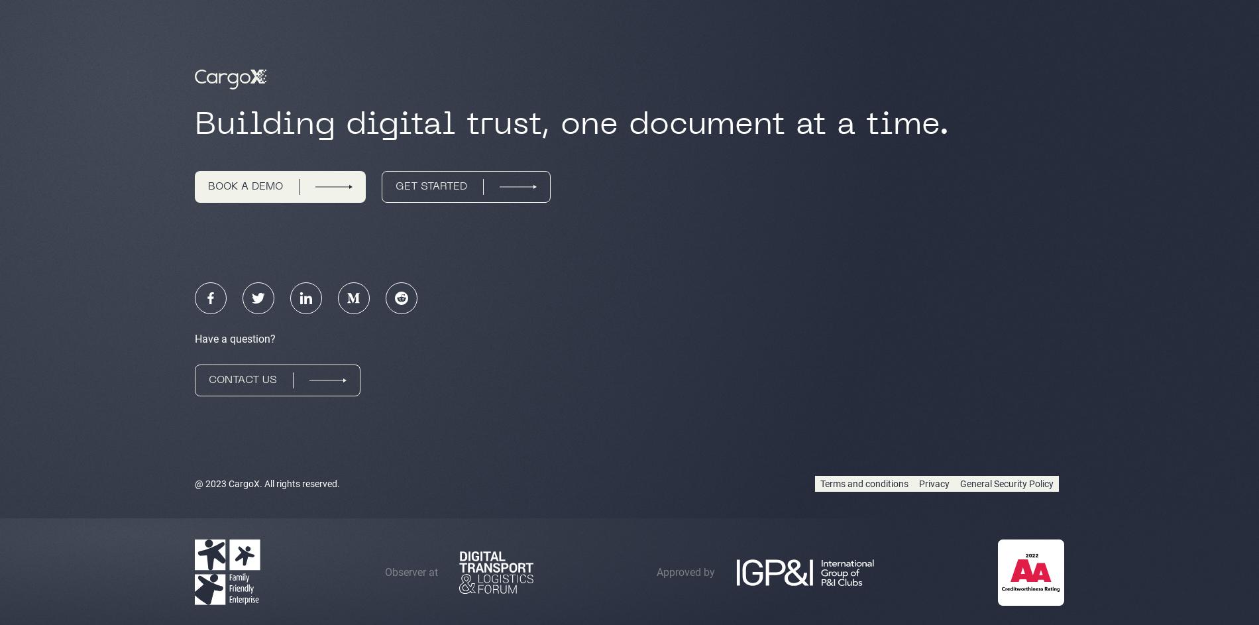  What do you see at coordinates (234, 338) in the screenshot?
I see `'Have a question?'` at bounding box center [234, 338].